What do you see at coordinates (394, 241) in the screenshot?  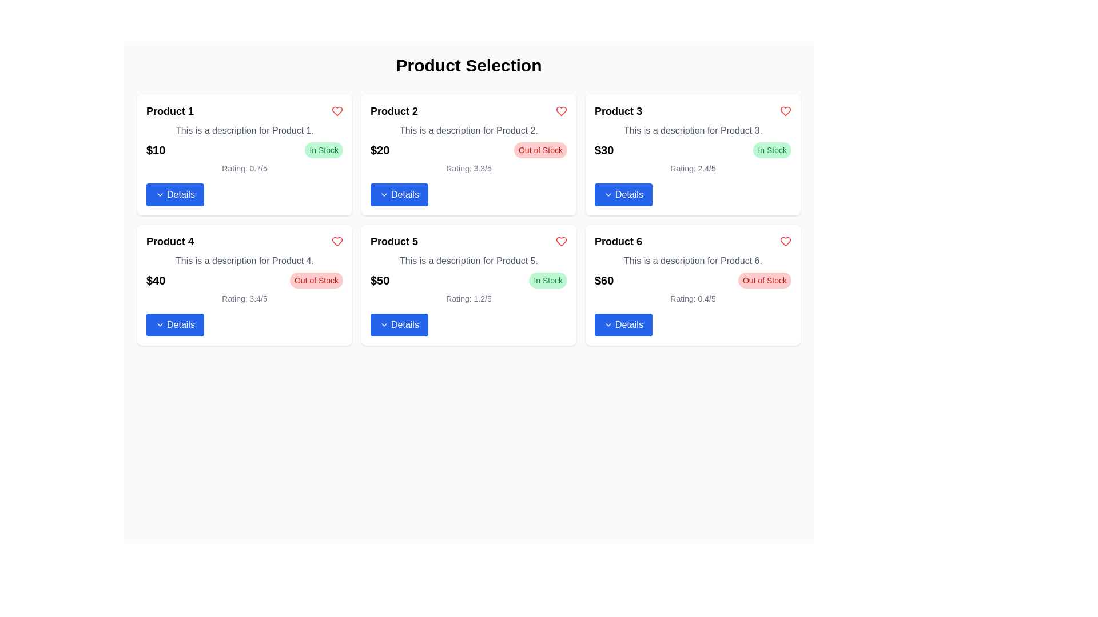 I see `bold text label displaying 'Product 5' located at the top-left of the first product card in the second row of the product grid` at bounding box center [394, 241].